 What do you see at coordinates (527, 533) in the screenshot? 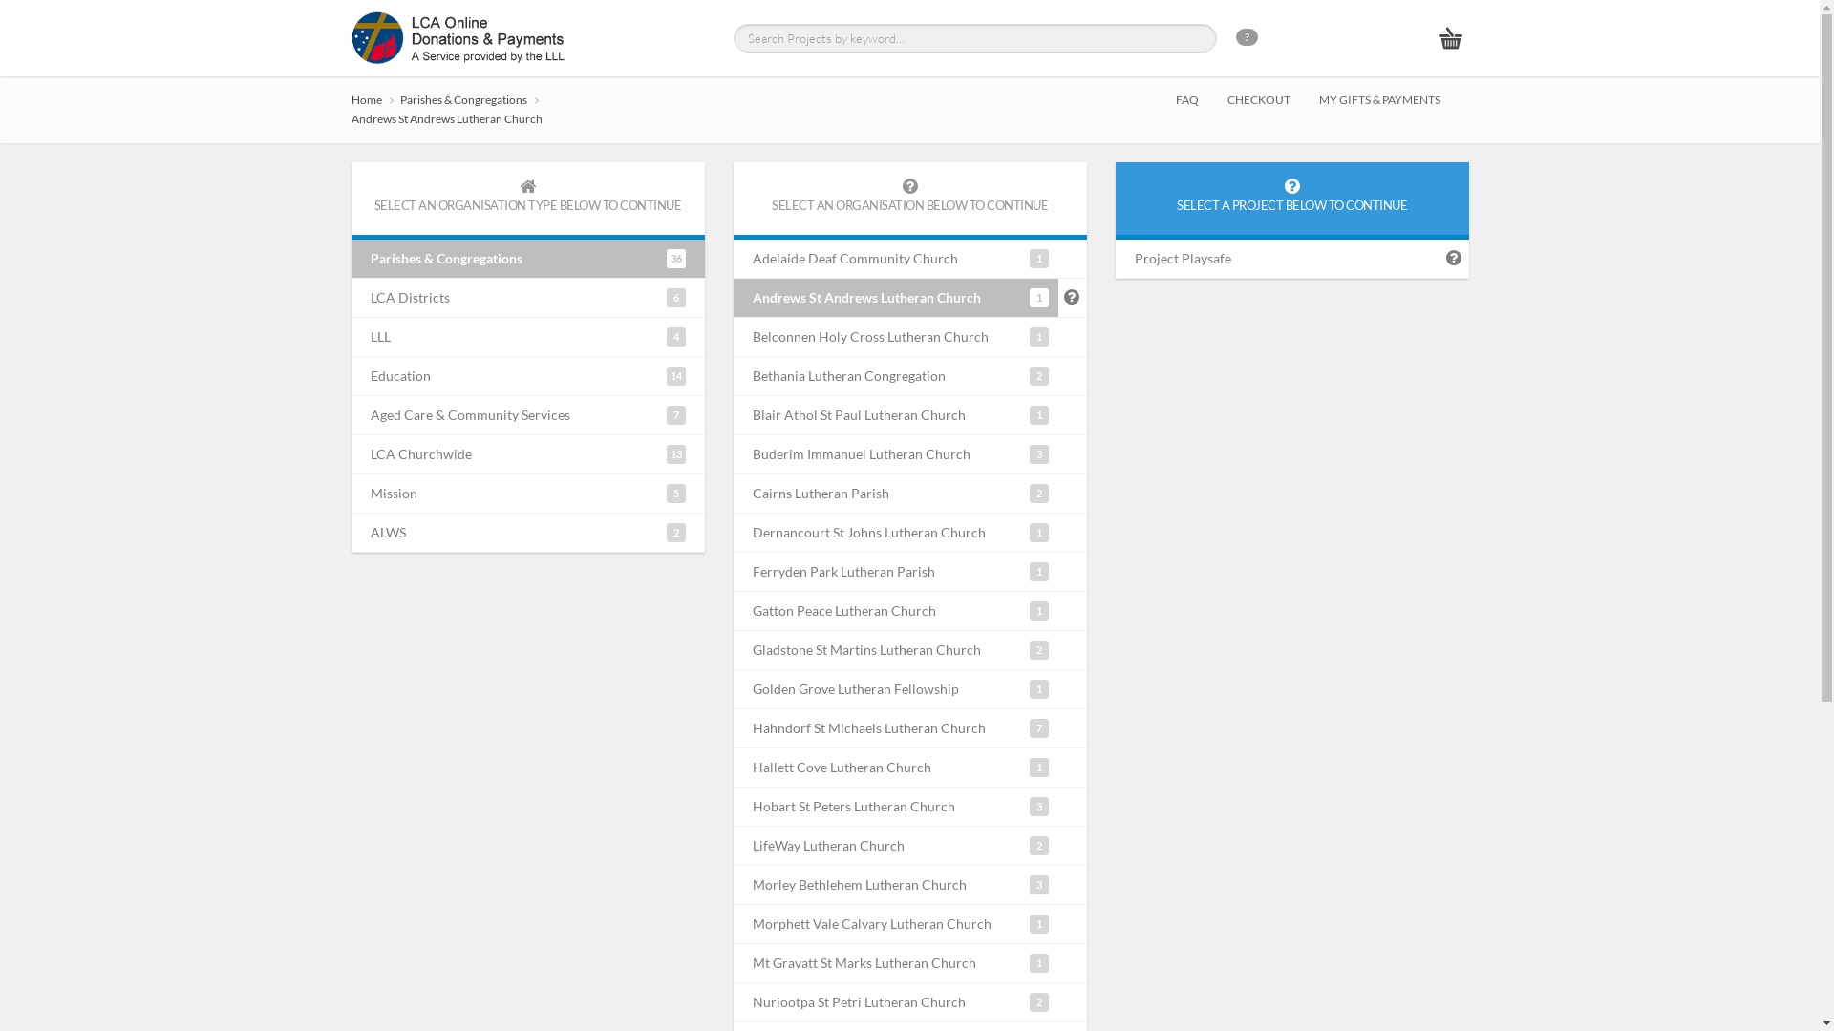
I see `'2` at bounding box center [527, 533].